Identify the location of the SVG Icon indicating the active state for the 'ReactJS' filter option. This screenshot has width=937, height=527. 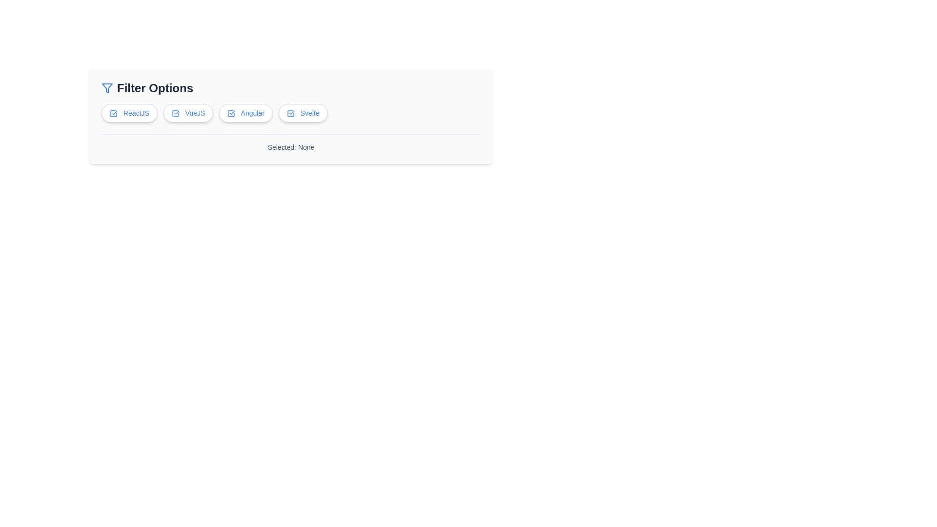
(114, 113).